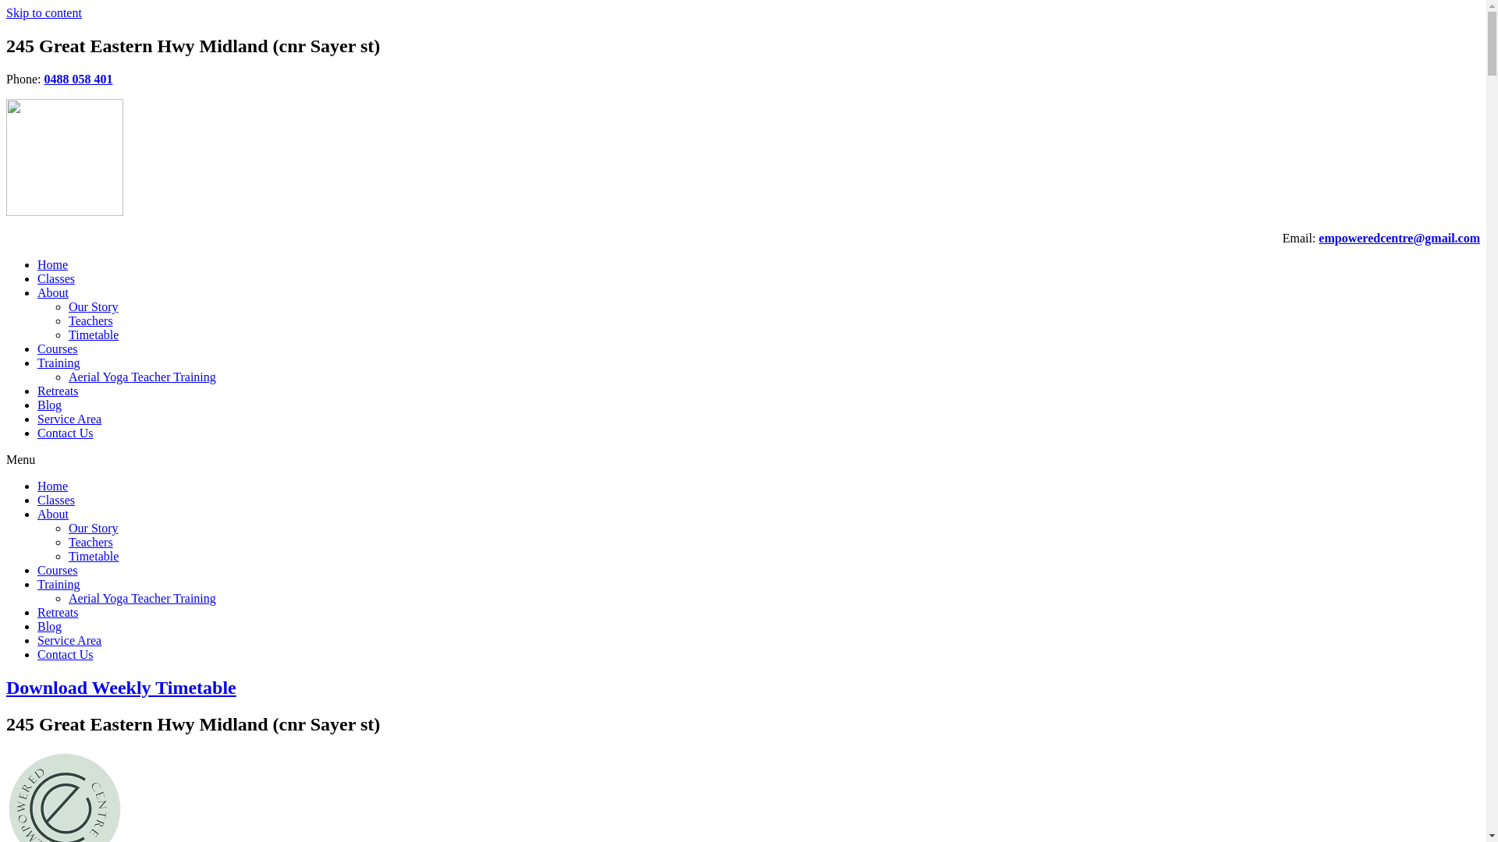 This screenshot has height=842, width=1498. Describe the element at coordinates (52, 292) in the screenshot. I see `'About'` at that location.